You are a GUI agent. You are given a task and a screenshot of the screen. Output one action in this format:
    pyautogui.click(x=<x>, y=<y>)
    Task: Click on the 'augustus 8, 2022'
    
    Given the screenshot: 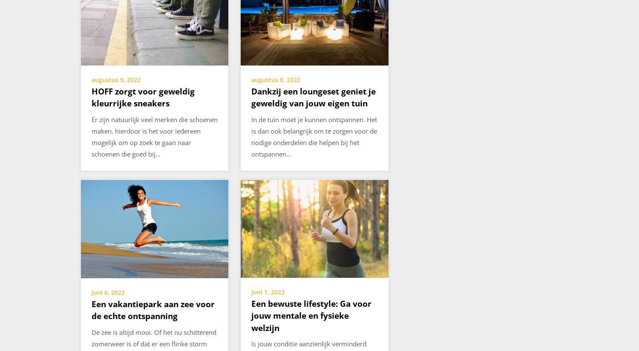 What is the action you would take?
    pyautogui.click(x=276, y=79)
    